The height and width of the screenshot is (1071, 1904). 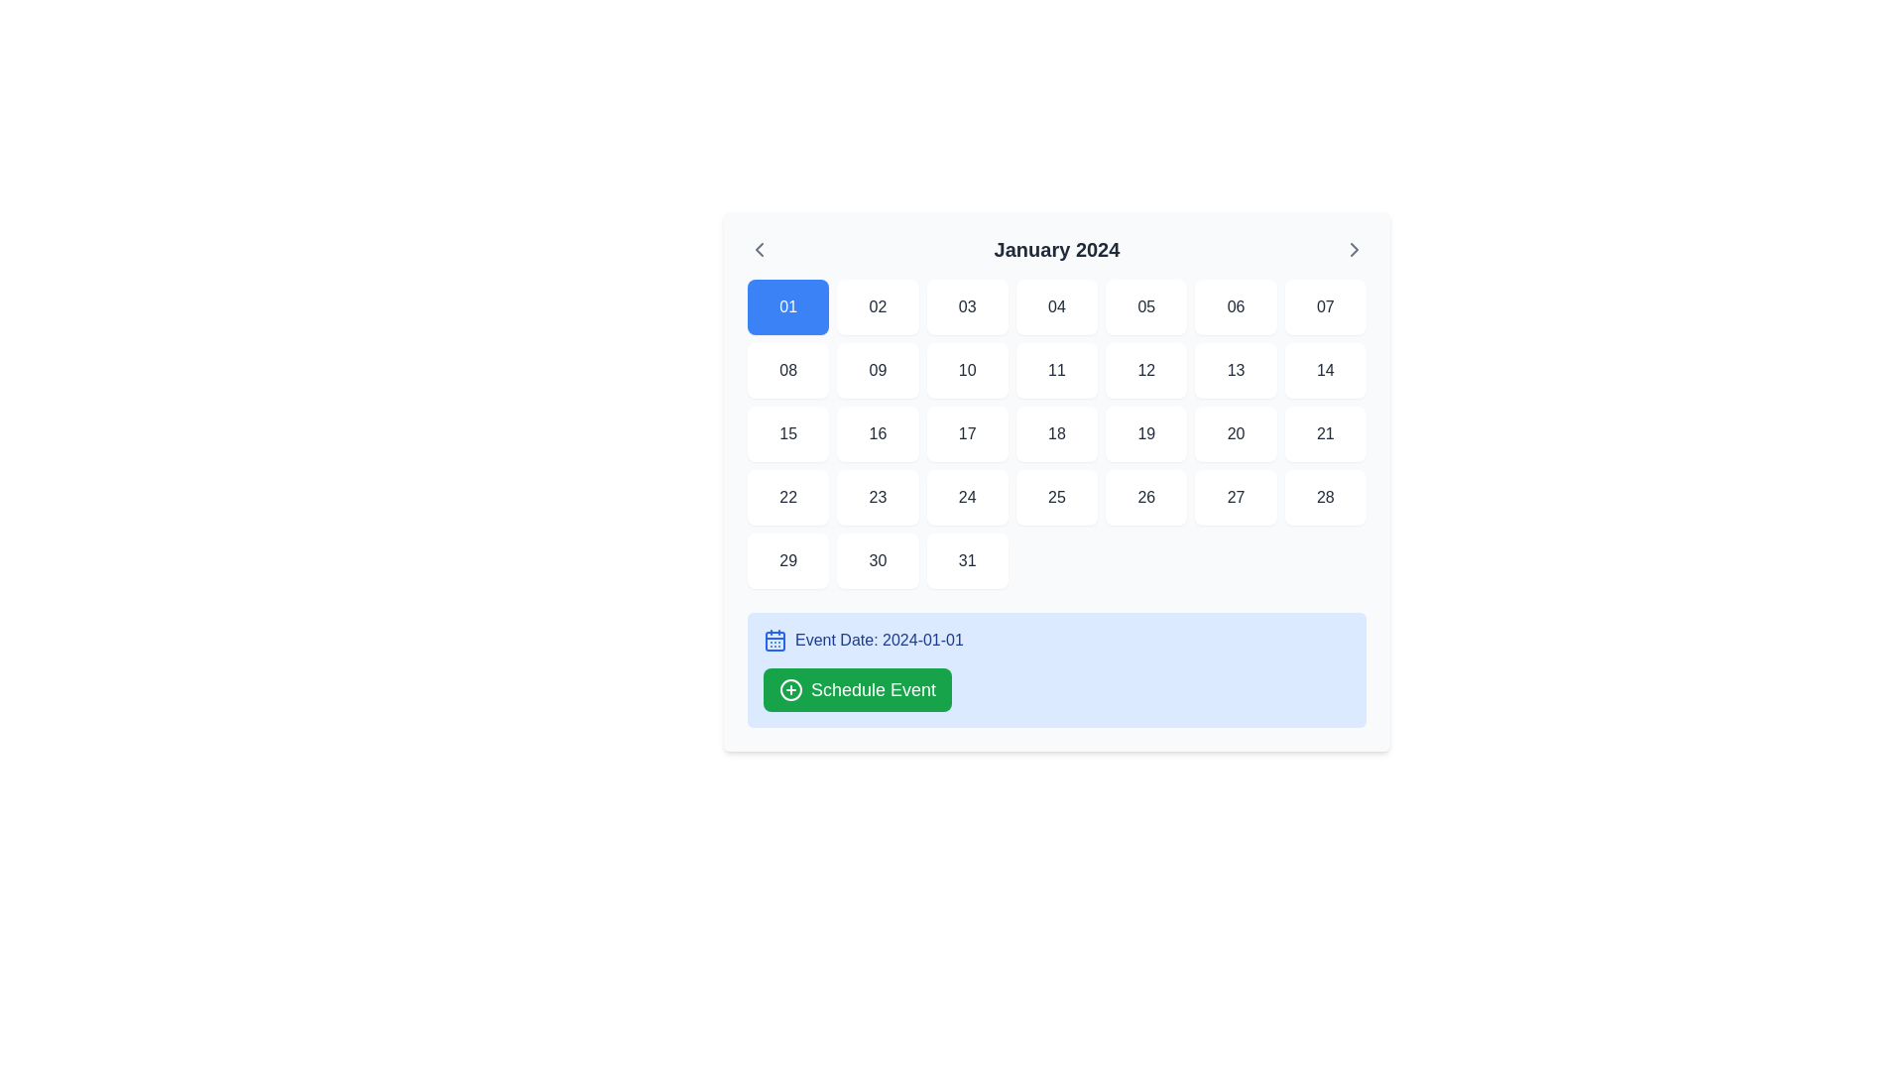 What do you see at coordinates (877, 306) in the screenshot?
I see `the button labeled '02' in the calendar interface to interact` at bounding box center [877, 306].